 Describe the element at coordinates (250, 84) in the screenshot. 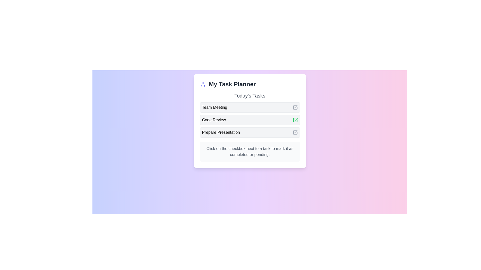

I see `textual content of the text-based header indicating the purpose of the task management widget, which is located at the top of the panel before 'Today's Tasks'` at that location.